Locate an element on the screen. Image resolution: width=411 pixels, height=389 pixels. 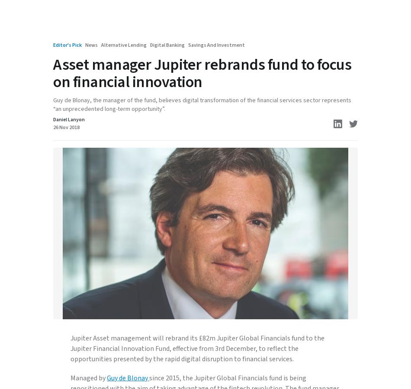
'Most Read' is located at coordinates (76, 234).